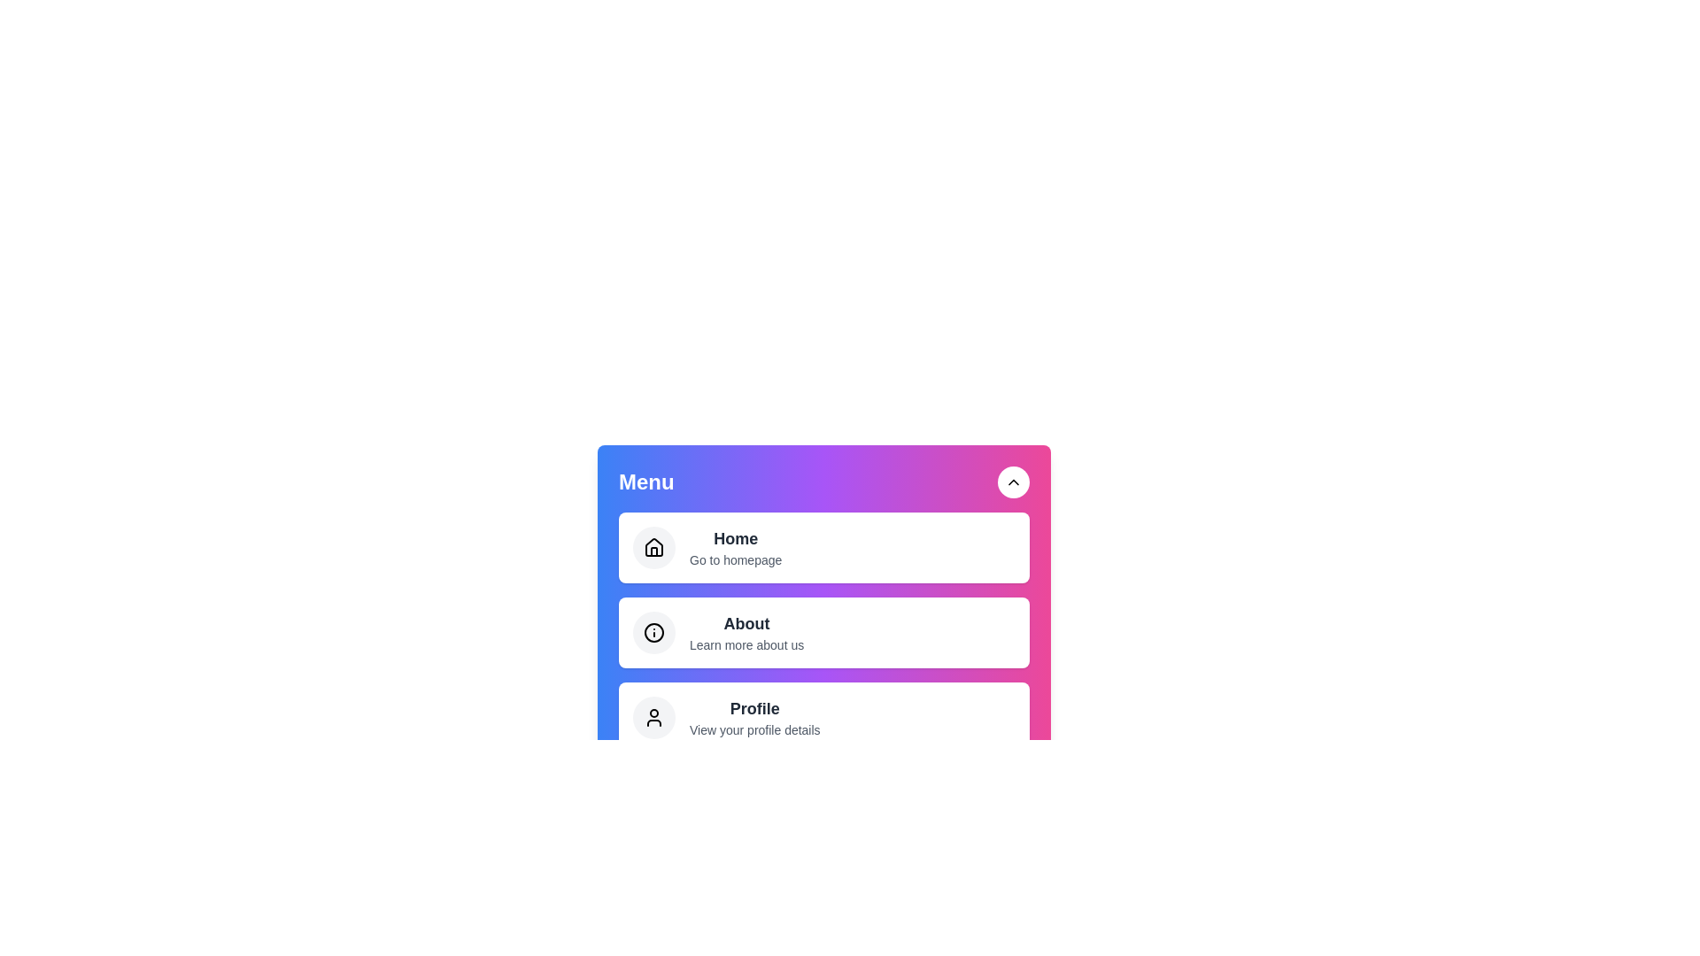 The image size is (1700, 956). Describe the element at coordinates (653, 717) in the screenshot. I see `the icon corresponding to the menu item labeled 'Profile'` at that location.